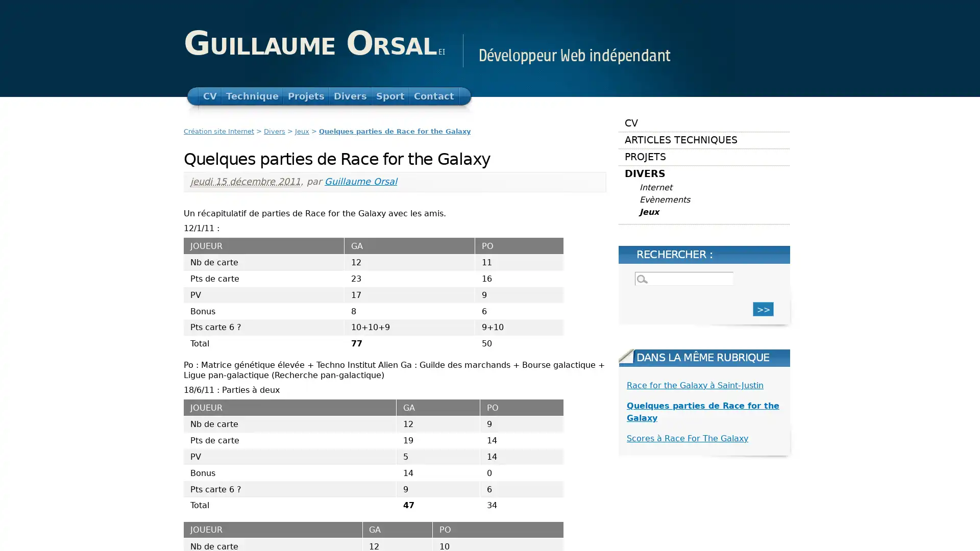 The height and width of the screenshot is (551, 980). Describe the element at coordinates (763, 308) in the screenshot. I see `>>` at that location.